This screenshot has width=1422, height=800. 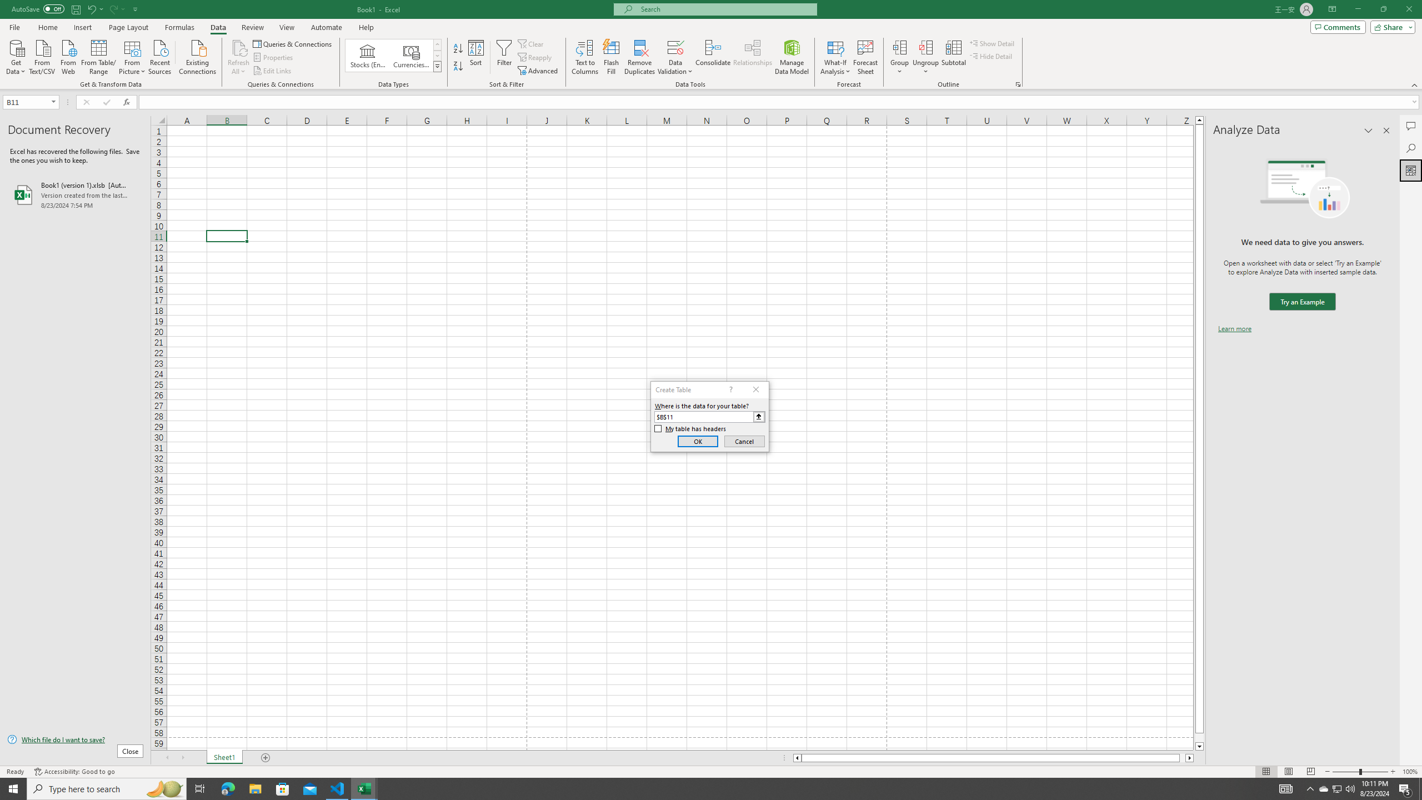 I want to click on 'Ungroup...', so click(x=925, y=47).